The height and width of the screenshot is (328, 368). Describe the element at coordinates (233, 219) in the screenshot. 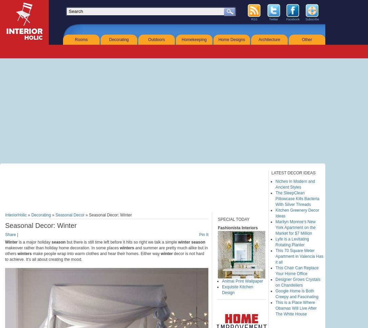

I see `'Special Today'` at that location.